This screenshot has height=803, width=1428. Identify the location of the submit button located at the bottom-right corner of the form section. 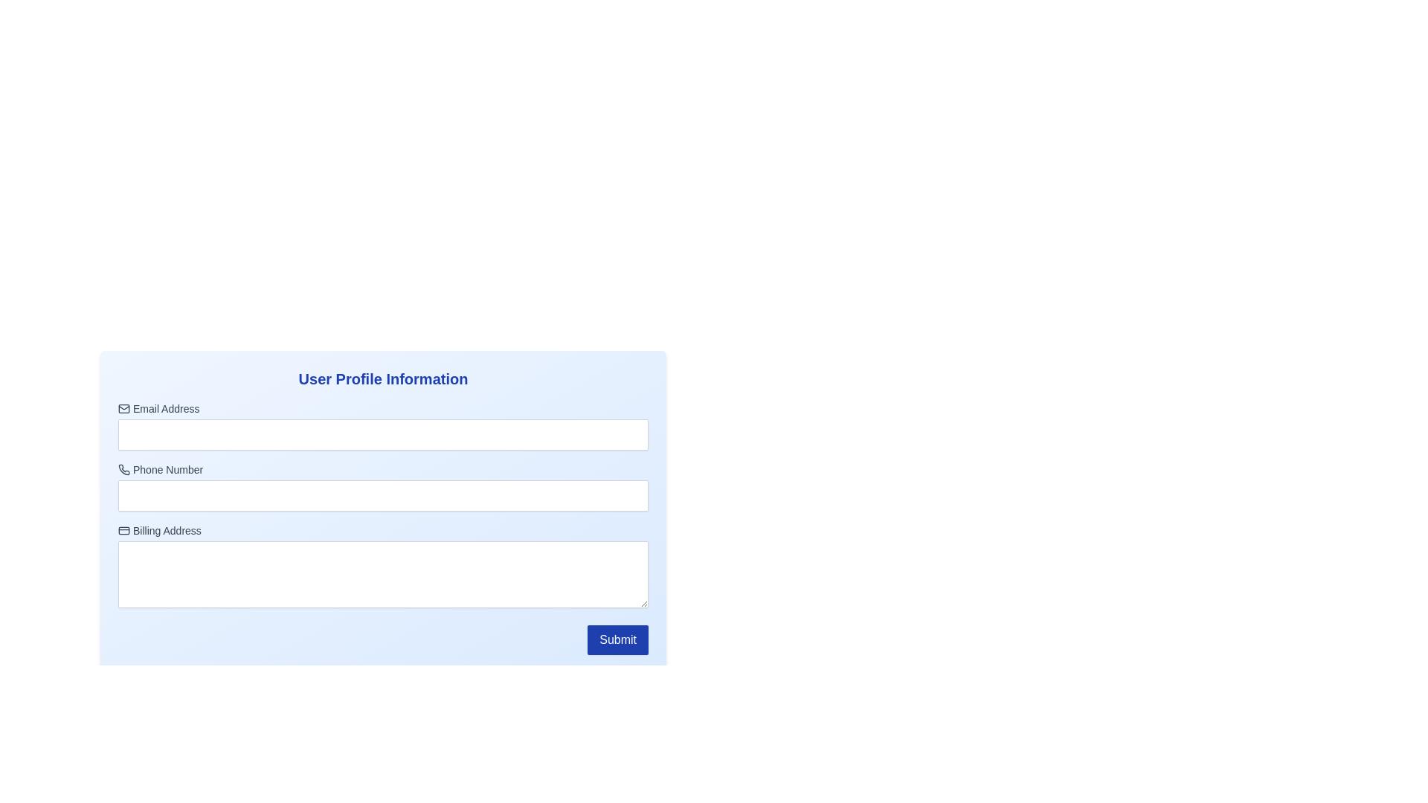
(618, 639).